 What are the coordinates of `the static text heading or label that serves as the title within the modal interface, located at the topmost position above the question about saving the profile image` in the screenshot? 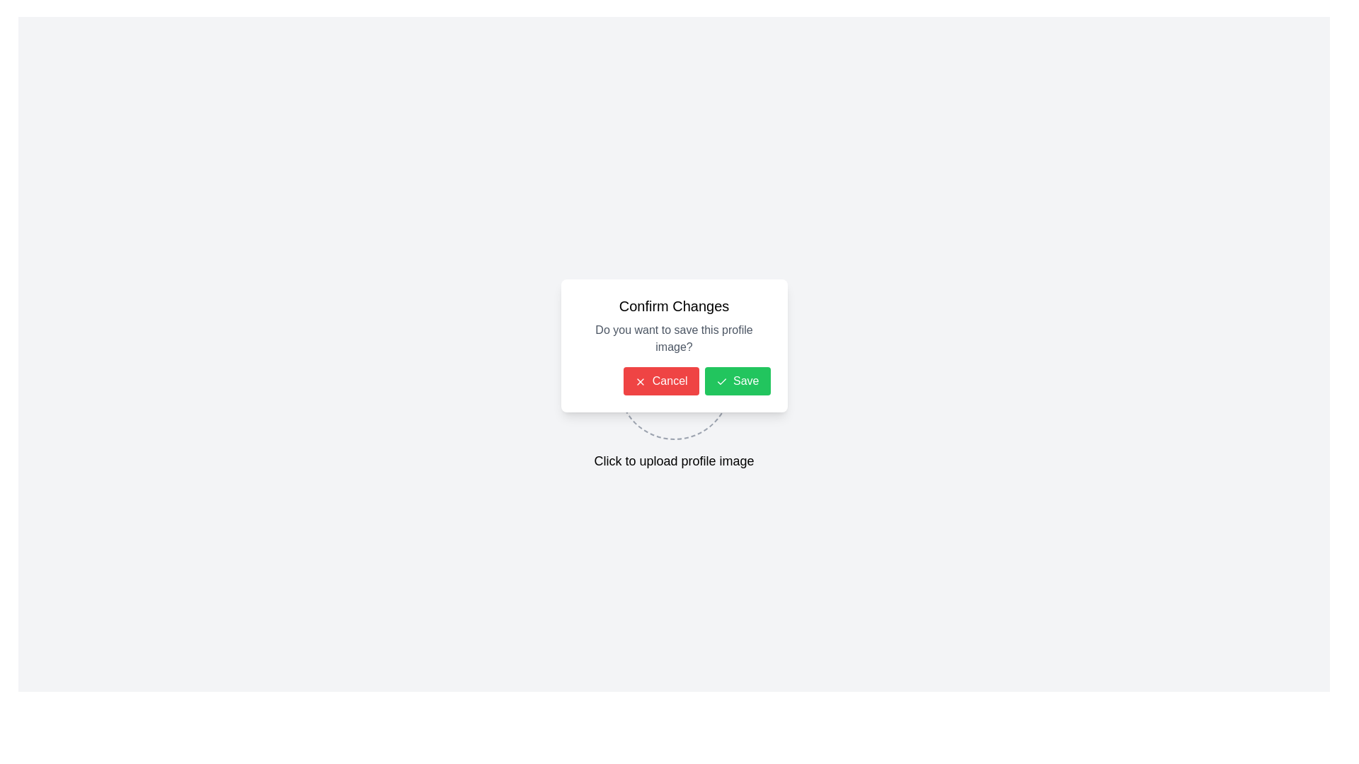 It's located at (673, 305).